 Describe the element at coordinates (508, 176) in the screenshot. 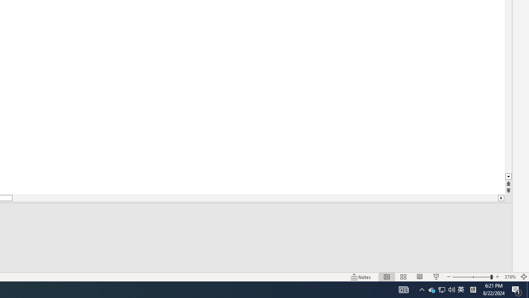

I see `'Line down'` at that location.